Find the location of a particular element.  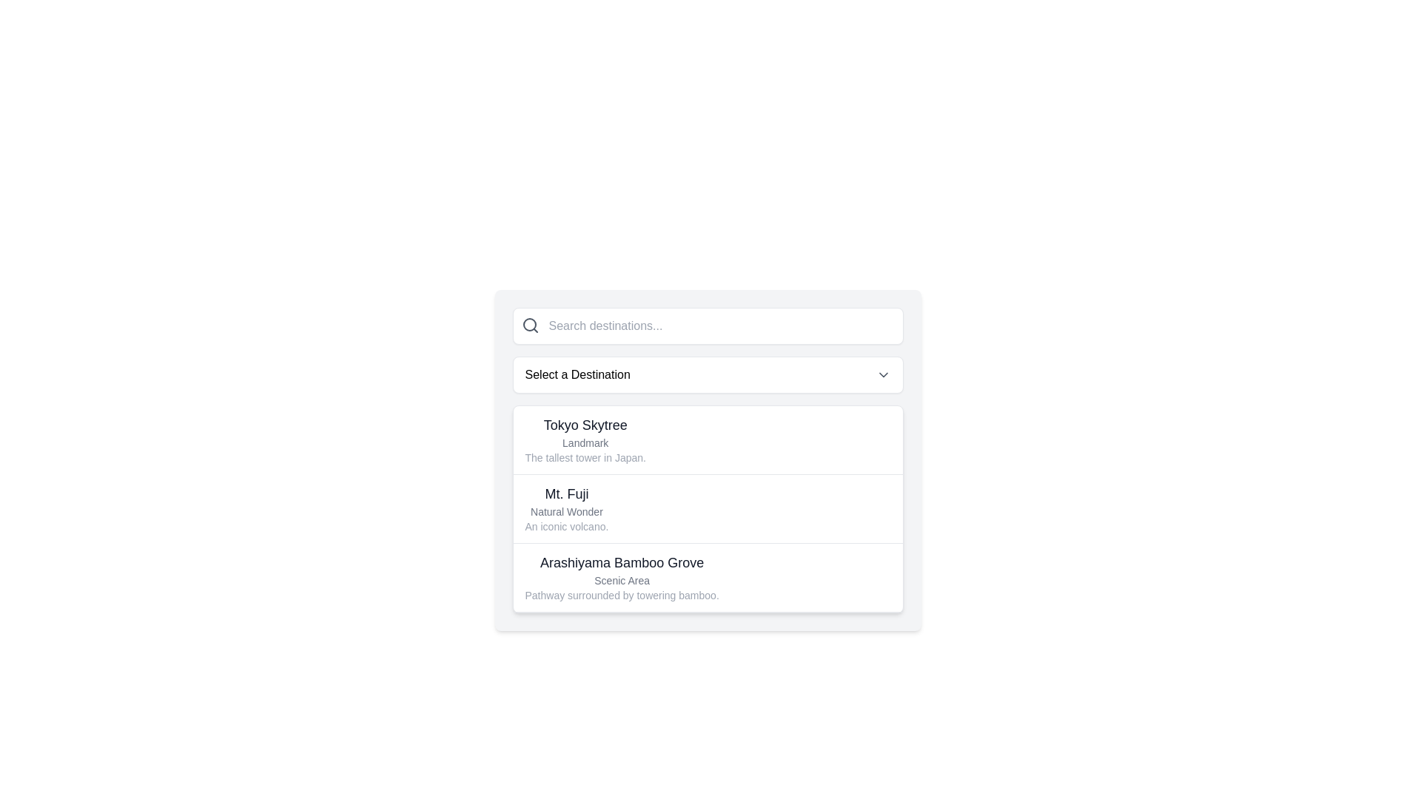

the Text label that identifies the name of a destination entry, positioned above the supporting texts 'Scenic Area' and 'Pathway surrounded by towering bamboo.' is located at coordinates (622, 562).